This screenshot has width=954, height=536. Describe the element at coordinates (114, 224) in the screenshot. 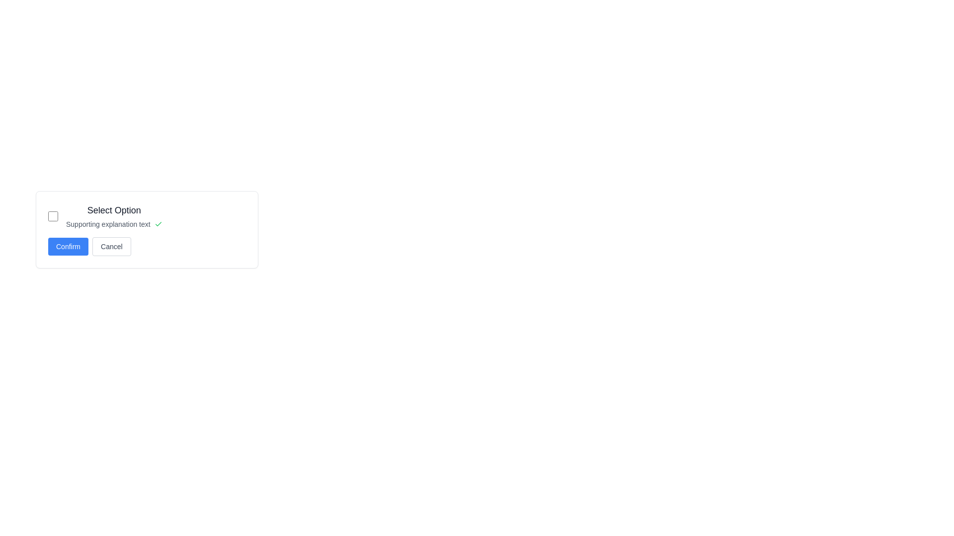

I see `the text styled as 'Supporting explanation text' with a green checkmark icon, located directly below the title 'Select Option'` at that location.